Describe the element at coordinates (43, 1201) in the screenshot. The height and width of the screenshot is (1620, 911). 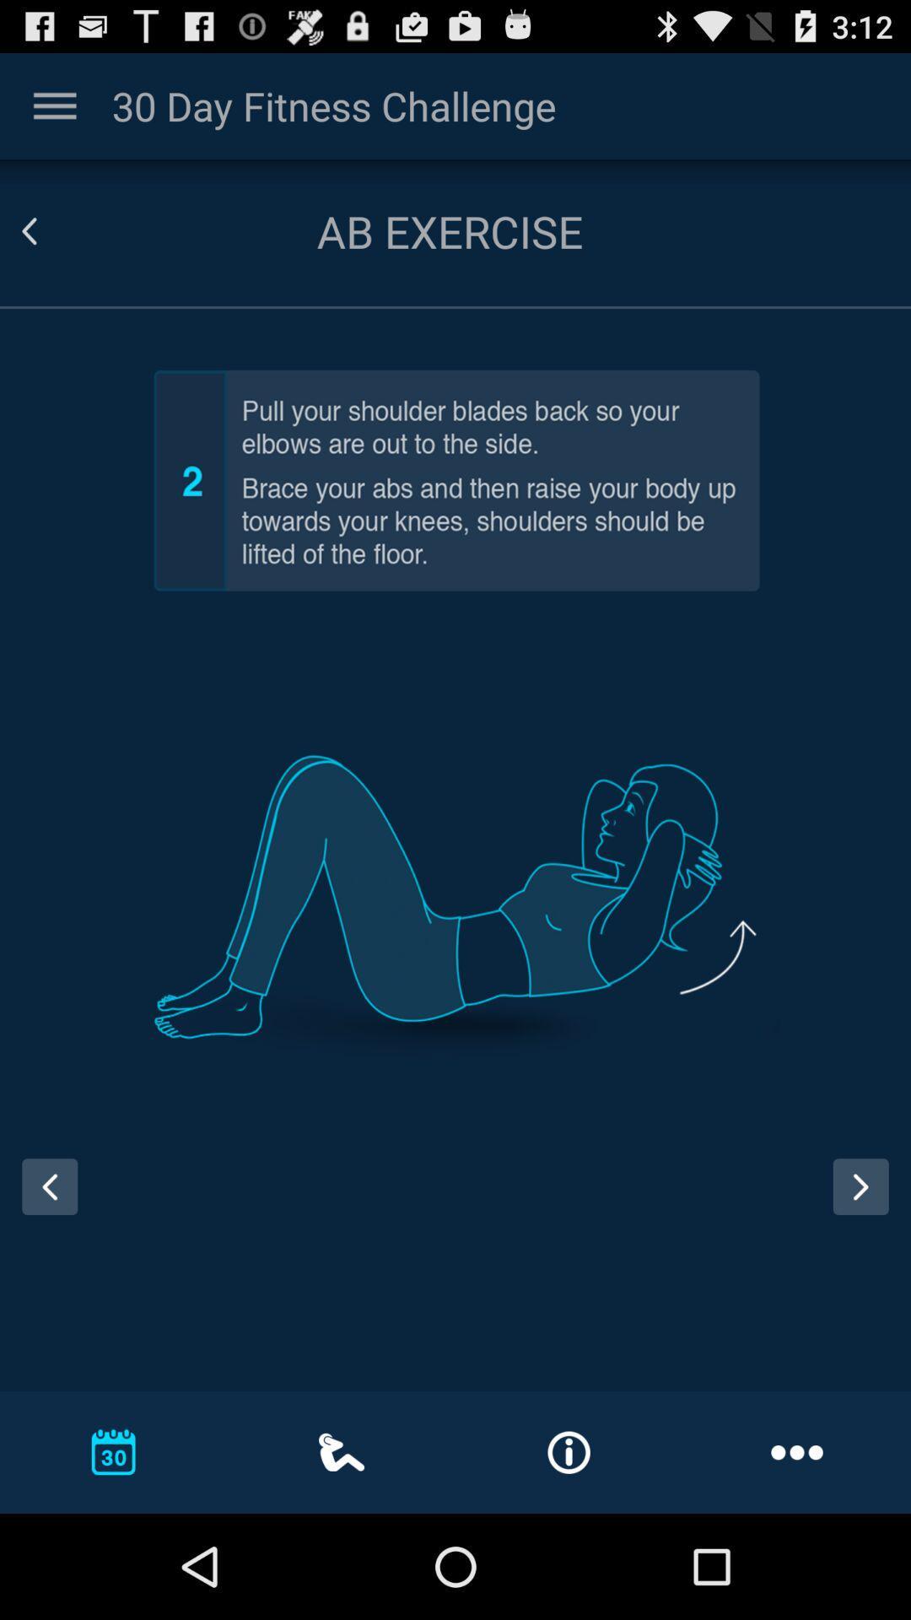
I see `previous exercise` at that location.